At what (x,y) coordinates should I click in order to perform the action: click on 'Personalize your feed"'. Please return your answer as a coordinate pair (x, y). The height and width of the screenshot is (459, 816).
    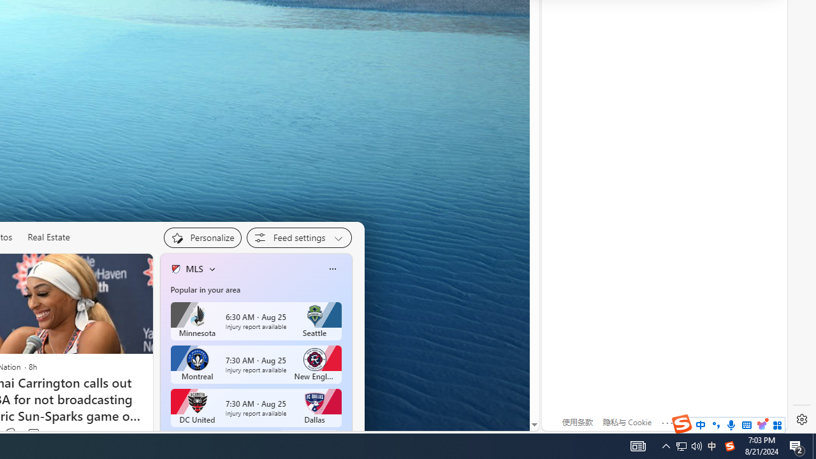
    Looking at the image, I should click on (201, 237).